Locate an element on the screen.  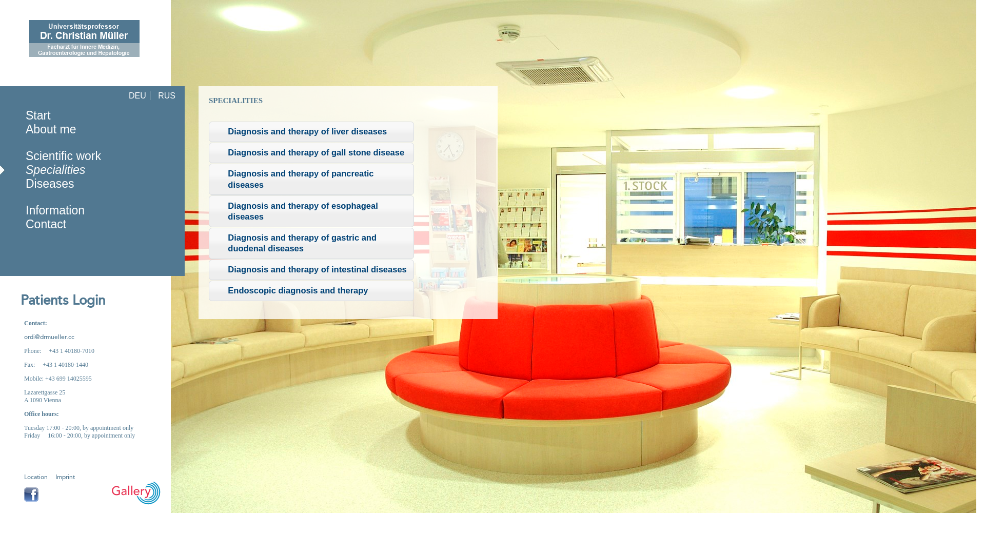
'DEU' is located at coordinates (137, 95).